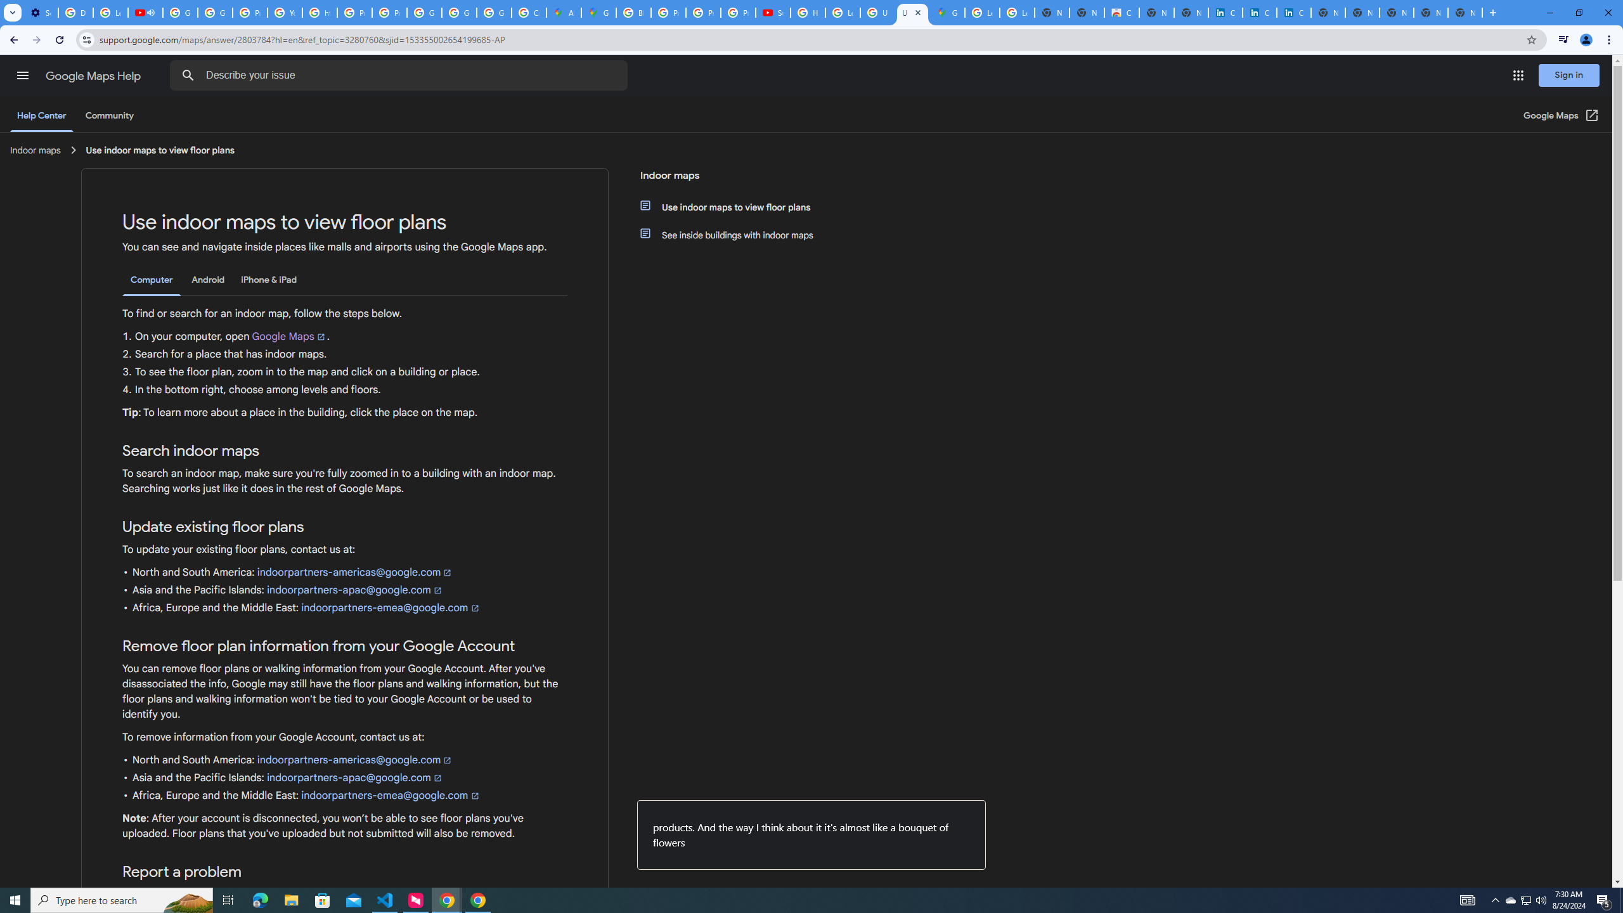 The width and height of the screenshot is (1623, 913). Describe the element at coordinates (1561, 115) in the screenshot. I see `'Google Maps (Open in a new window)'` at that location.